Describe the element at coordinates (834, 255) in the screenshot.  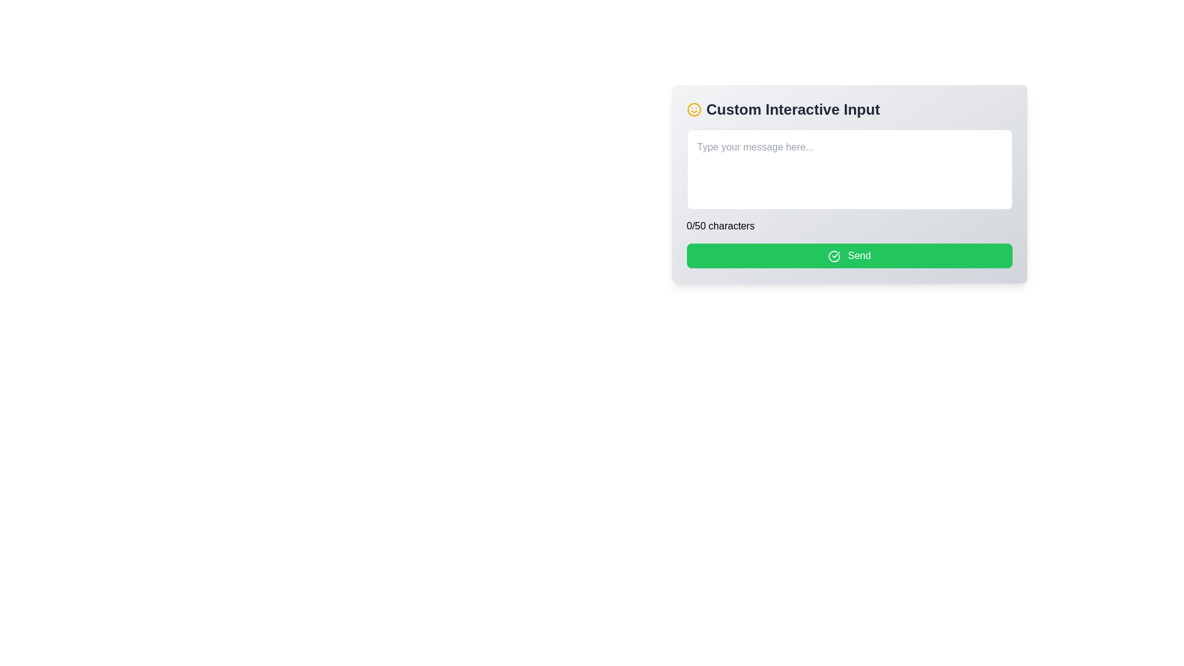
I see `the SVG-based graphical element located on the right side of the interface, near the green 'Send' button` at that location.